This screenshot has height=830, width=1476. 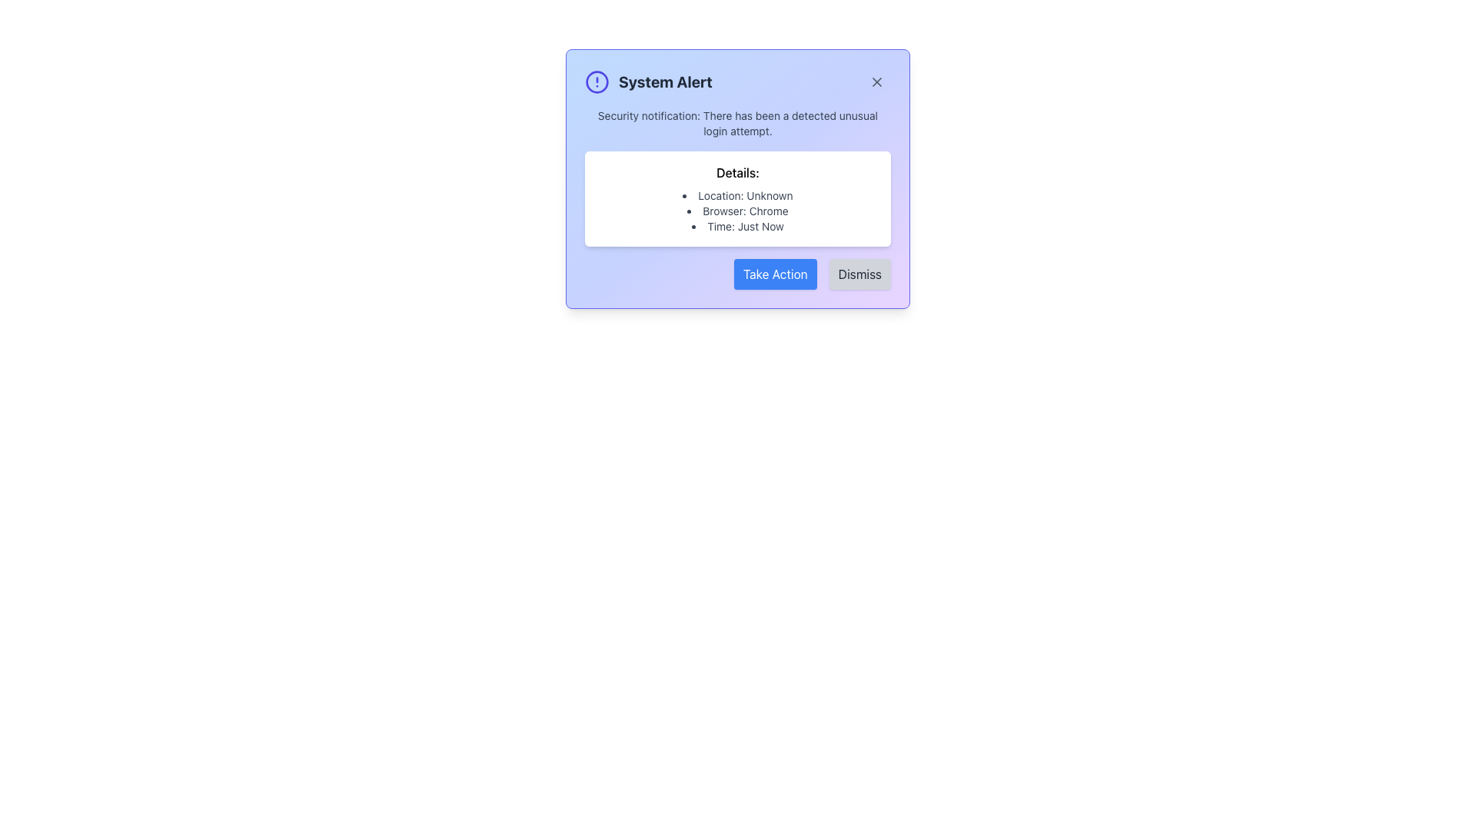 What do you see at coordinates (738, 123) in the screenshot?
I see `informational message text that notifies users of a detected unusual login attempt located below the 'System Alert' heading` at bounding box center [738, 123].